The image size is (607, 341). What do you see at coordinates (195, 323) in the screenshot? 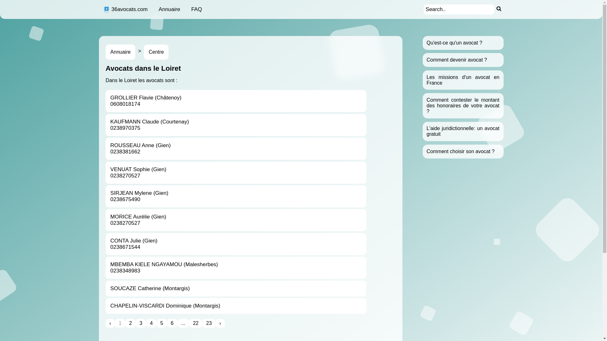
I see `'22'` at bounding box center [195, 323].